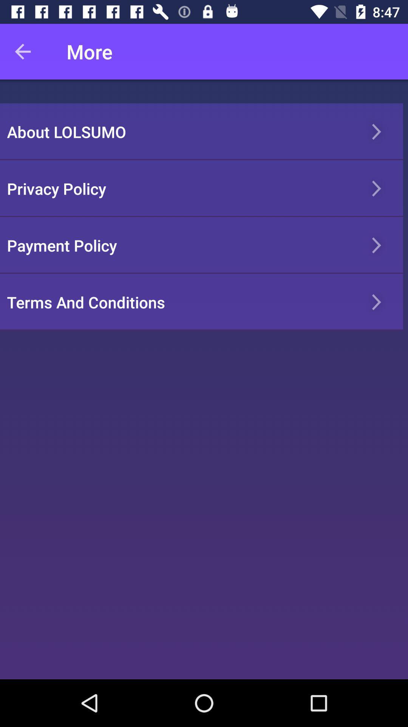 The image size is (408, 727). I want to click on item next to more icon, so click(27, 51).